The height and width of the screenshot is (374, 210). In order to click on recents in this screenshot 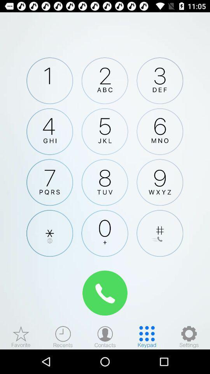, I will do `click(63, 336)`.